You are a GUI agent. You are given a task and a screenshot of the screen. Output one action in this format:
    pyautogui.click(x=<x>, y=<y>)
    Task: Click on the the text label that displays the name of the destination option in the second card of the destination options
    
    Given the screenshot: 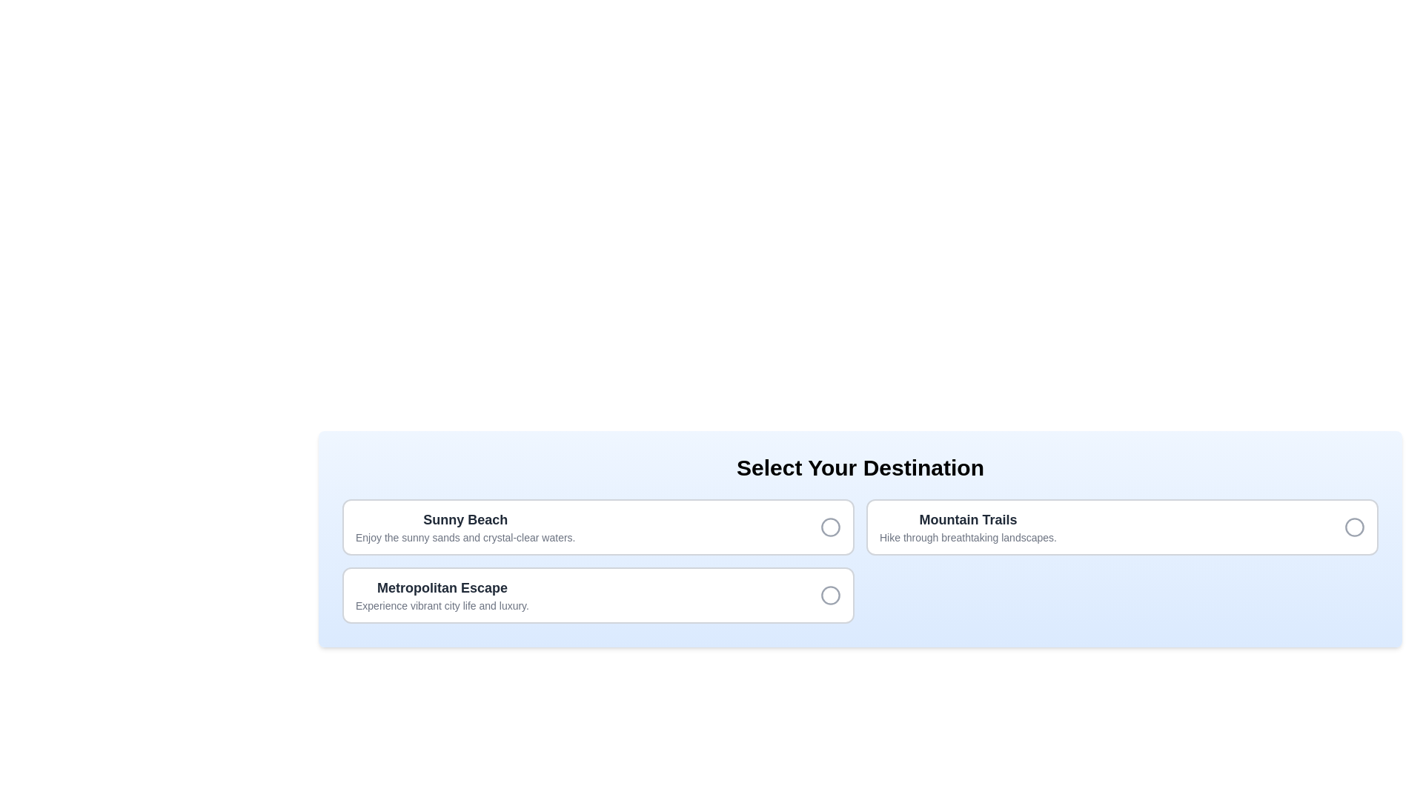 What is the action you would take?
    pyautogui.click(x=441, y=587)
    